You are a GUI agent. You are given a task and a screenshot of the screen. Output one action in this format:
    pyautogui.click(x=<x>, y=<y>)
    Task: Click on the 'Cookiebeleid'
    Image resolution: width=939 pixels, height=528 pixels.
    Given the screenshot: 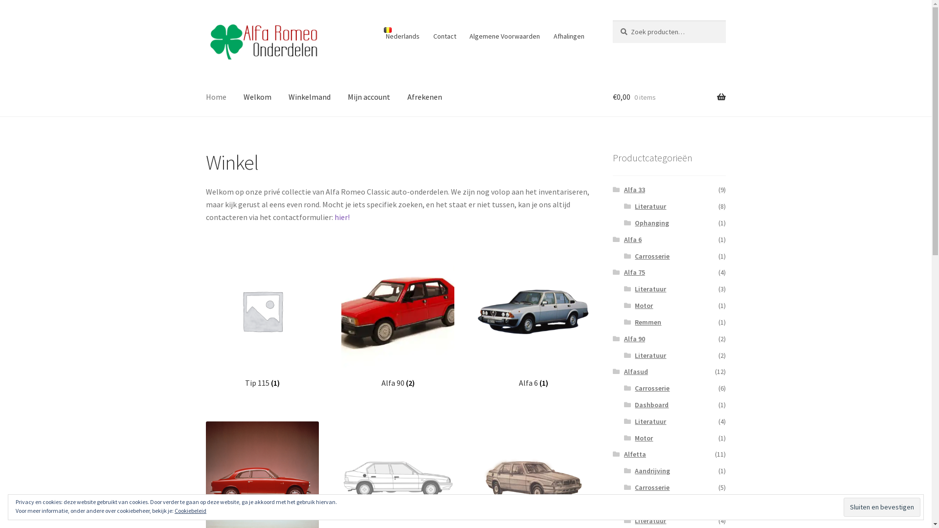 What is the action you would take?
    pyautogui.click(x=190, y=510)
    